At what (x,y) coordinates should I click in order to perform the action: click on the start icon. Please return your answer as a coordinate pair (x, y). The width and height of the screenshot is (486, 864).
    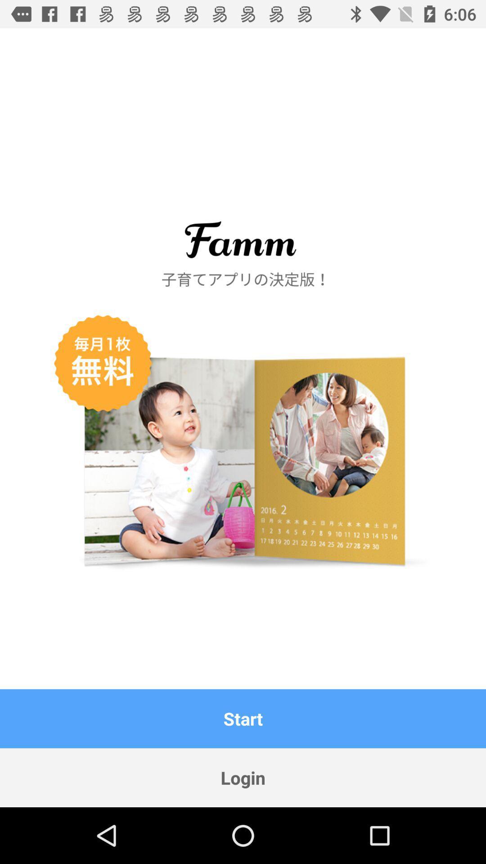
    Looking at the image, I should click on (243, 718).